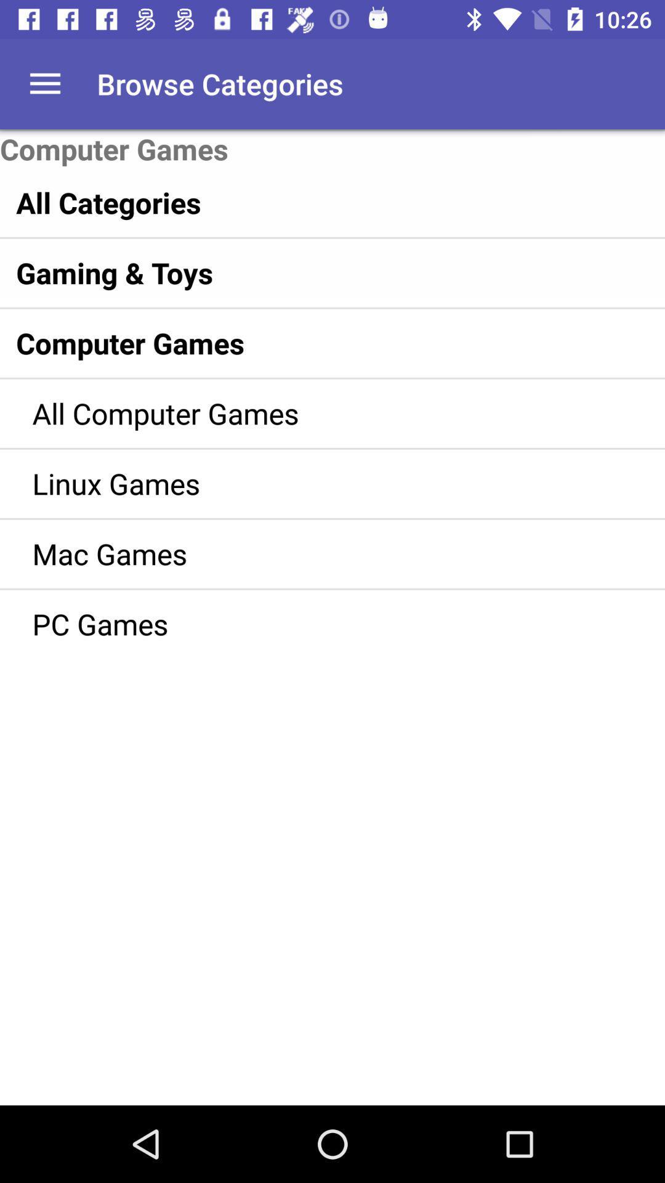  Describe the element at coordinates (314, 482) in the screenshot. I see `item below all computer games` at that location.